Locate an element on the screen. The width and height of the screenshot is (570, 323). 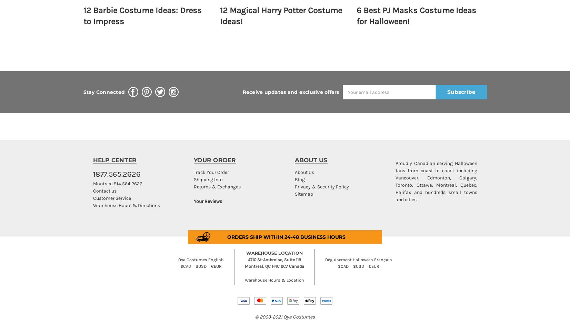
'Receive updates and exclusive offers' is located at coordinates (291, 91).